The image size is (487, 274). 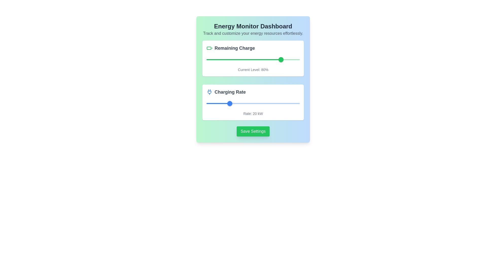 I want to click on the charging rate, so click(x=250, y=103).